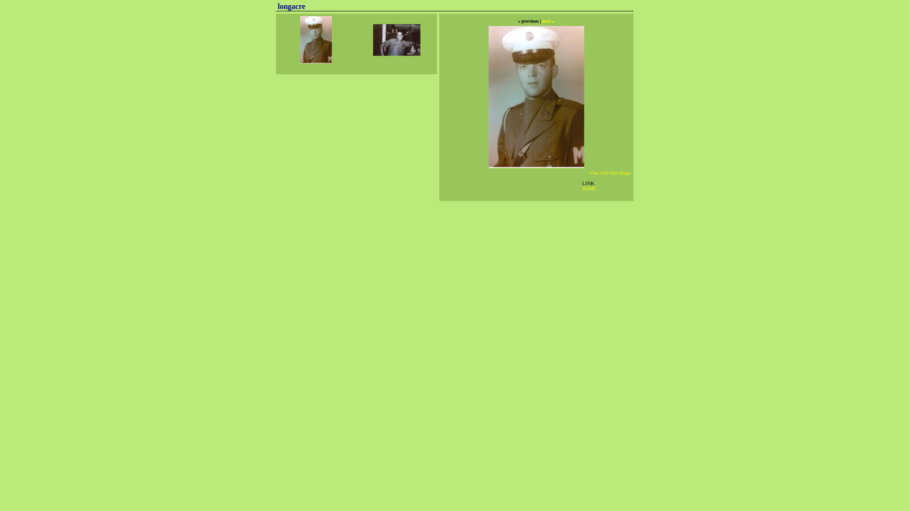  Describe the element at coordinates (610, 173) in the screenshot. I see `'View Full-Size Image'` at that location.